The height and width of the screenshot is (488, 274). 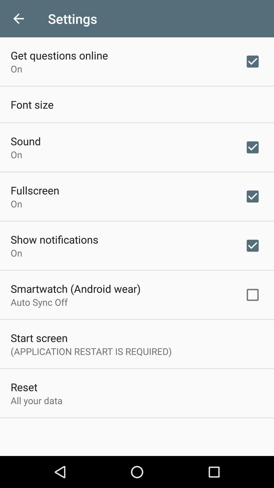 I want to click on item above the application restart is item, so click(x=39, y=338).